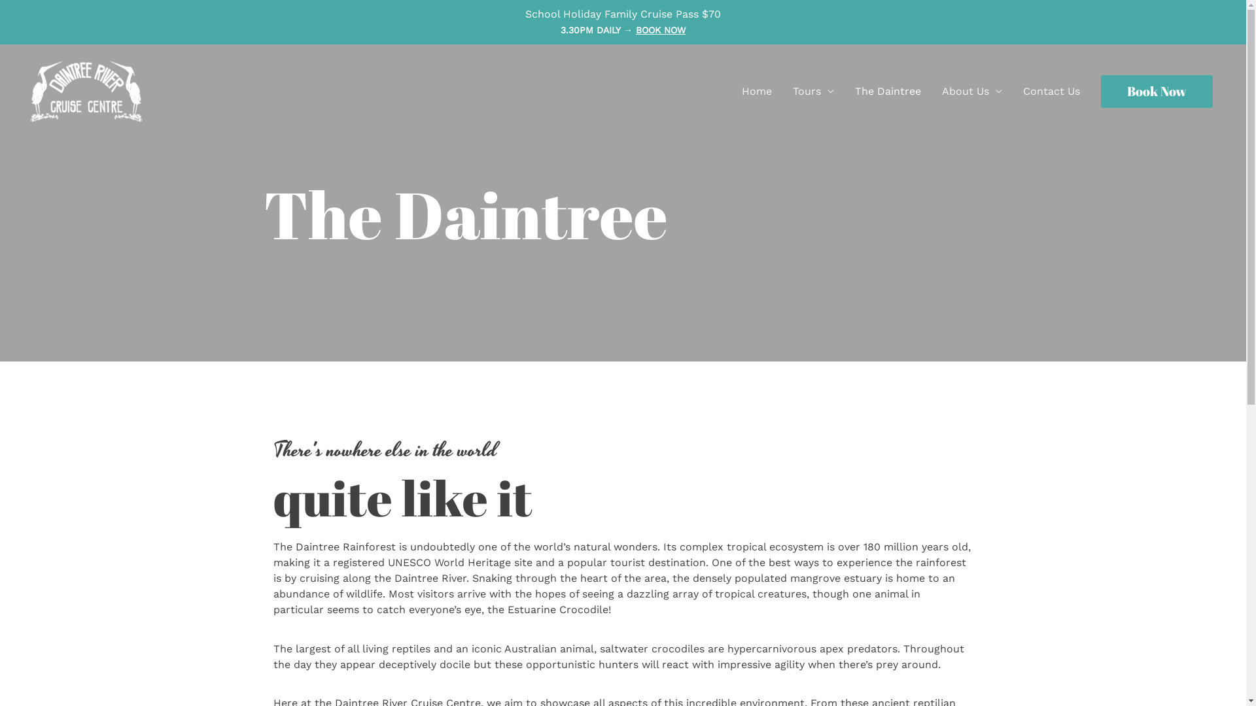 Image resolution: width=1256 pixels, height=706 pixels. I want to click on 'BOOK NOW', so click(660, 29).